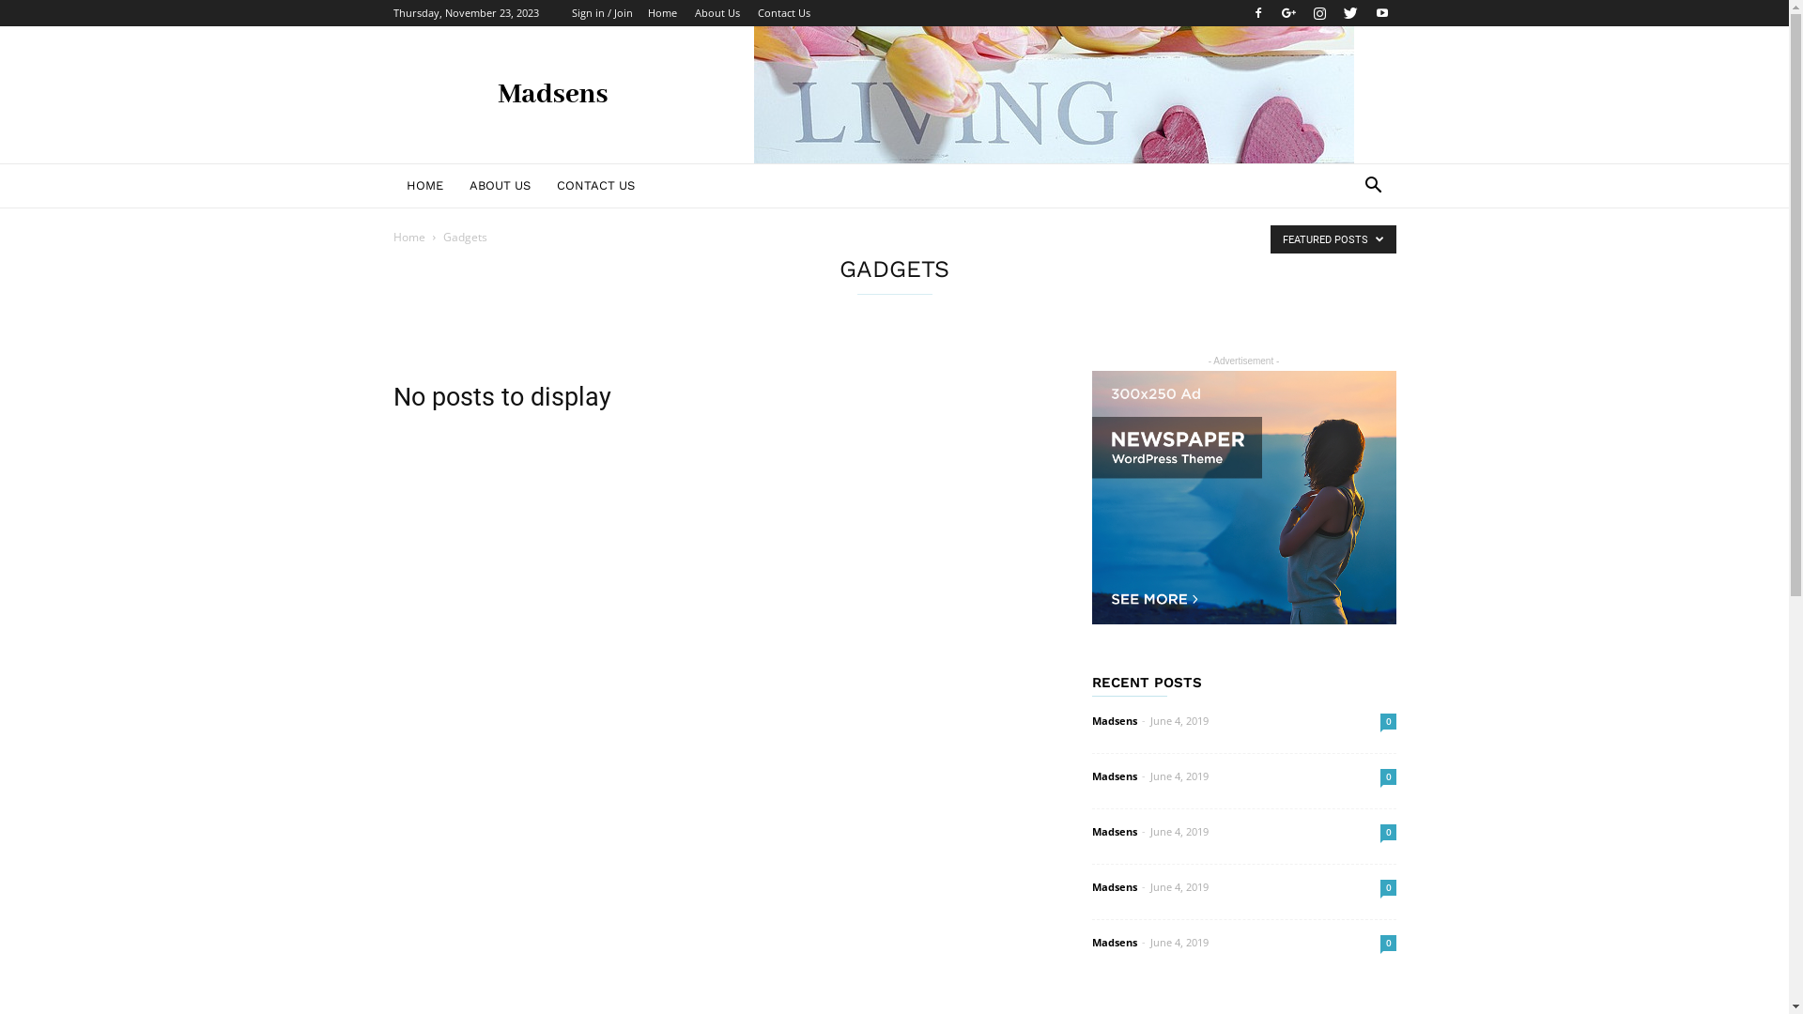  What do you see at coordinates (1388, 943) in the screenshot?
I see `'0'` at bounding box center [1388, 943].